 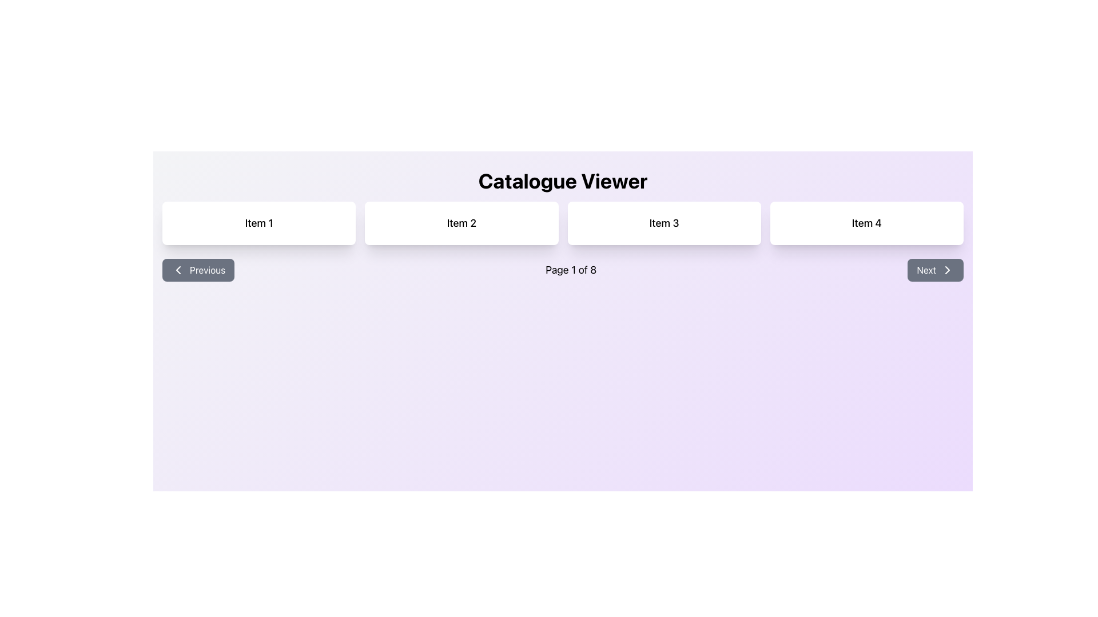 I want to click on the leftwards chevron icon located to the left of the 'Previous' button, so click(x=178, y=270).